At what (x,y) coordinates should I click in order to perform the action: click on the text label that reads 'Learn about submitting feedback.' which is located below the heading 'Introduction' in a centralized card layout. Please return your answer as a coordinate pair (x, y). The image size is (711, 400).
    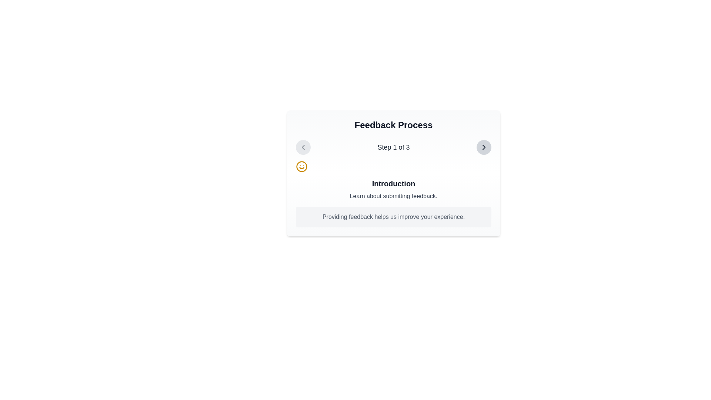
    Looking at the image, I should click on (393, 196).